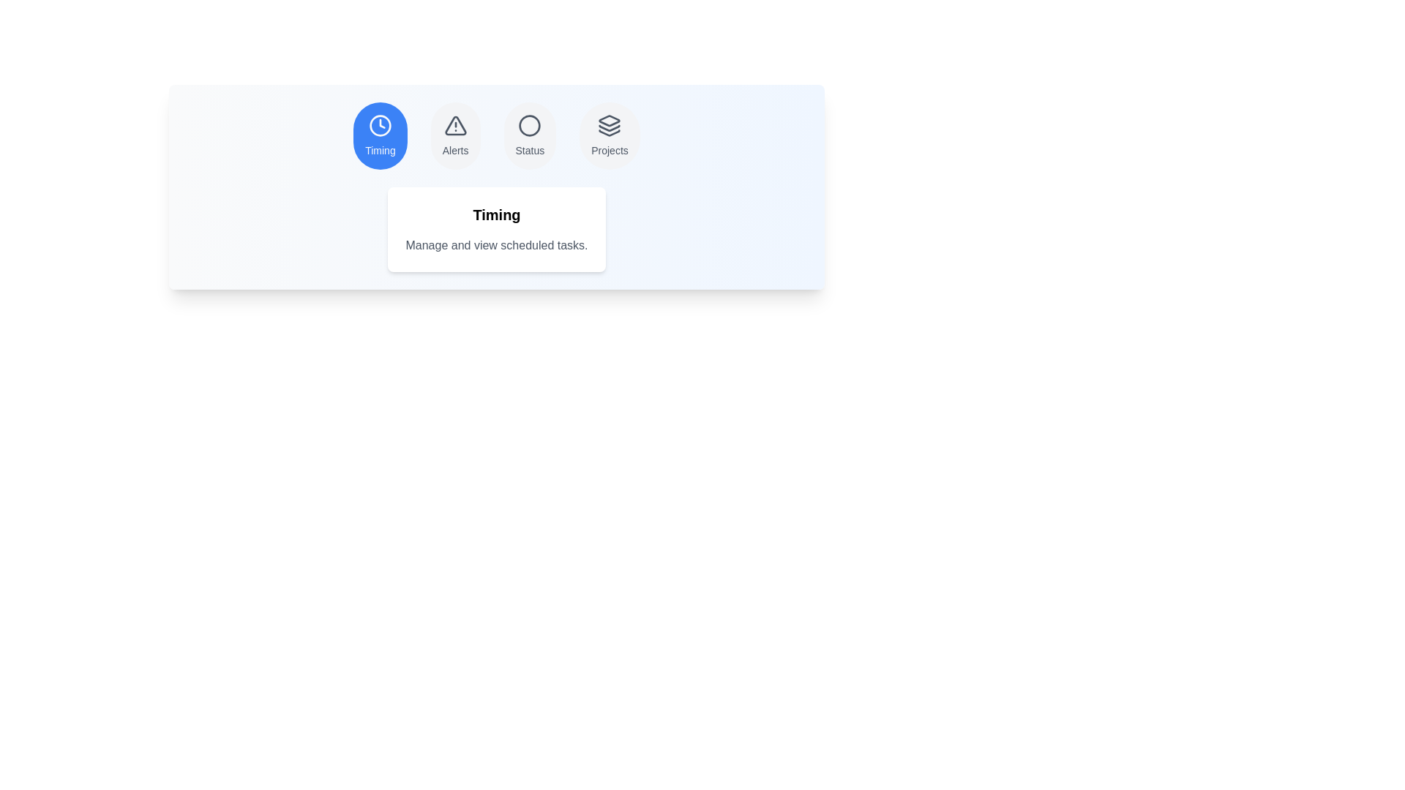 The width and height of the screenshot is (1405, 790). I want to click on the tab labeled Projects to observe the hover effect, so click(610, 135).